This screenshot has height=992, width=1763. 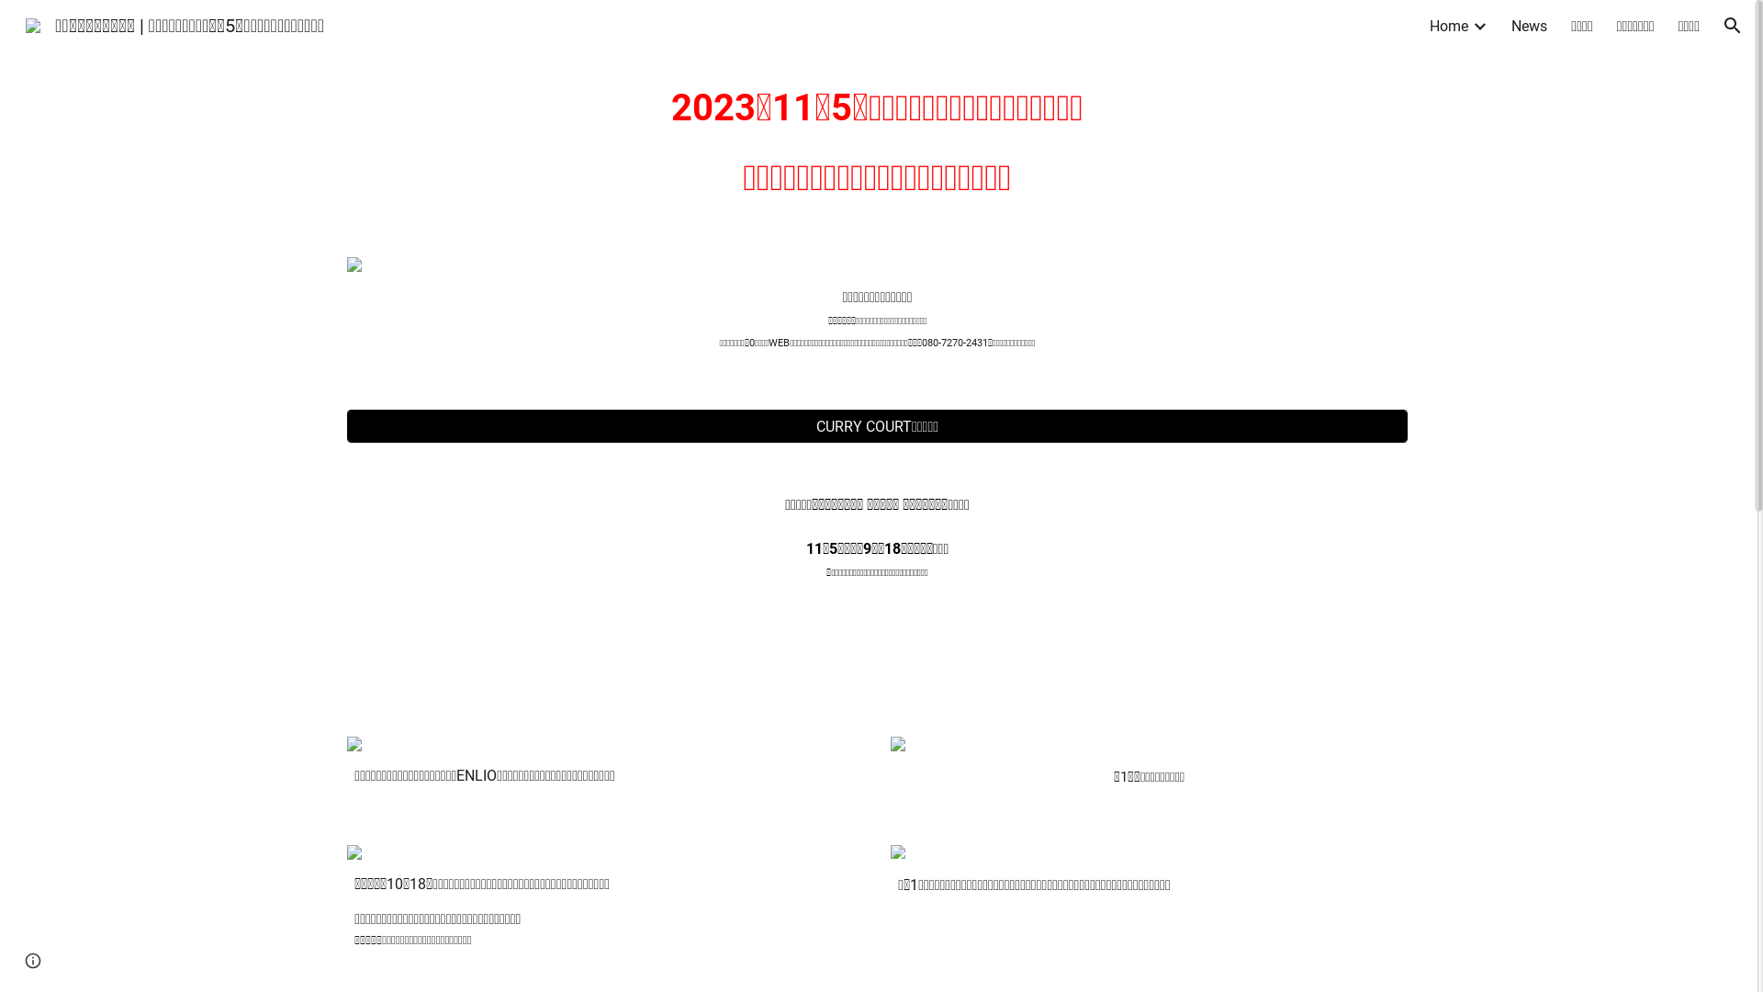 I want to click on 'Home', so click(x=1428, y=25).